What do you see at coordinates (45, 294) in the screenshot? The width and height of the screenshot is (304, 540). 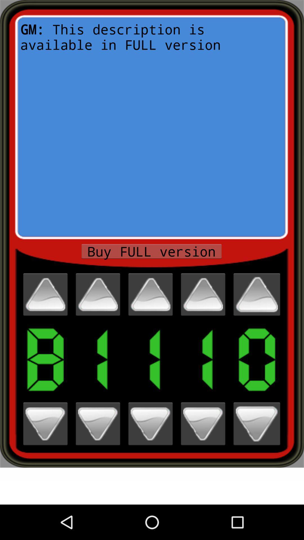 I see `increase digit` at bounding box center [45, 294].